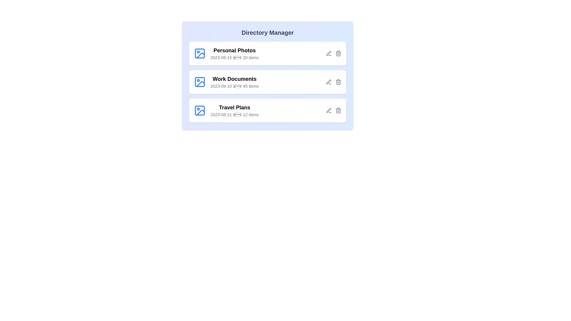 The image size is (571, 321). What do you see at coordinates (267, 53) in the screenshot?
I see `the directory item labeled 'Personal Photos' to observe the hover effect` at bounding box center [267, 53].